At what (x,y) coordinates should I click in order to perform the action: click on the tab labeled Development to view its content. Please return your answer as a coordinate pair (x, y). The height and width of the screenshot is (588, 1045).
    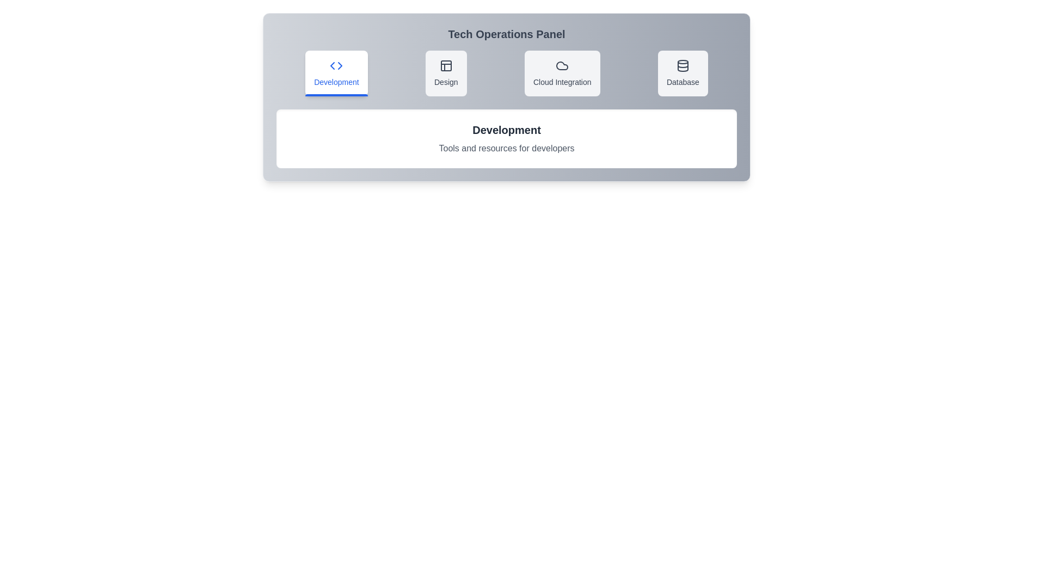
    Looking at the image, I should click on (336, 73).